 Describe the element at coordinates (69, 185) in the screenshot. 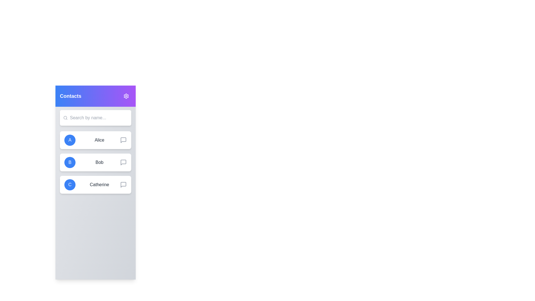

I see `the avatar of Catherine` at that location.